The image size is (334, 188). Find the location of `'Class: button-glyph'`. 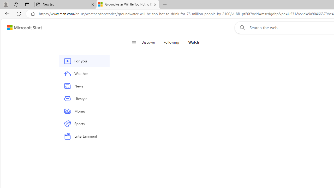

'Class: button-glyph' is located at coordinates (134, 42).